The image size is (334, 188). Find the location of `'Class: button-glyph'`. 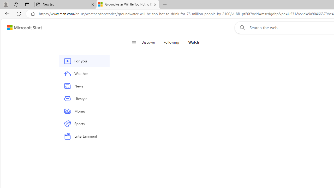

'Class: button-glyph' is located at coordinates (134, 42).